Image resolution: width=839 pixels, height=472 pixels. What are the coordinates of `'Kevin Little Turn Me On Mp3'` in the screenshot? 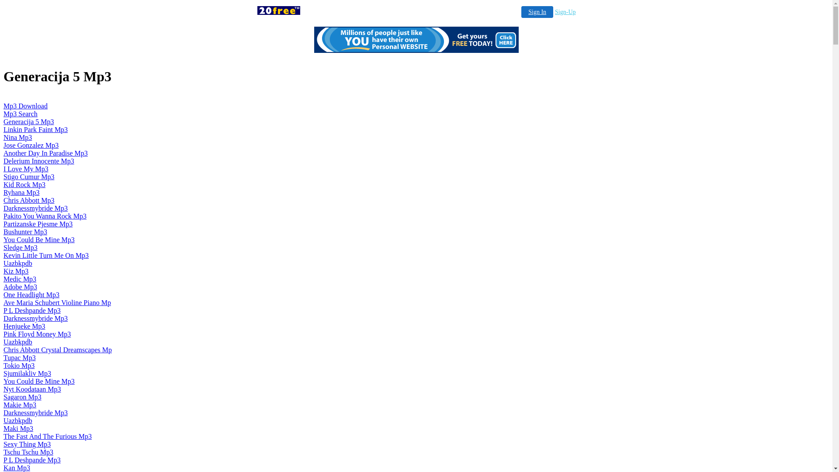 It's located at (45, 255).